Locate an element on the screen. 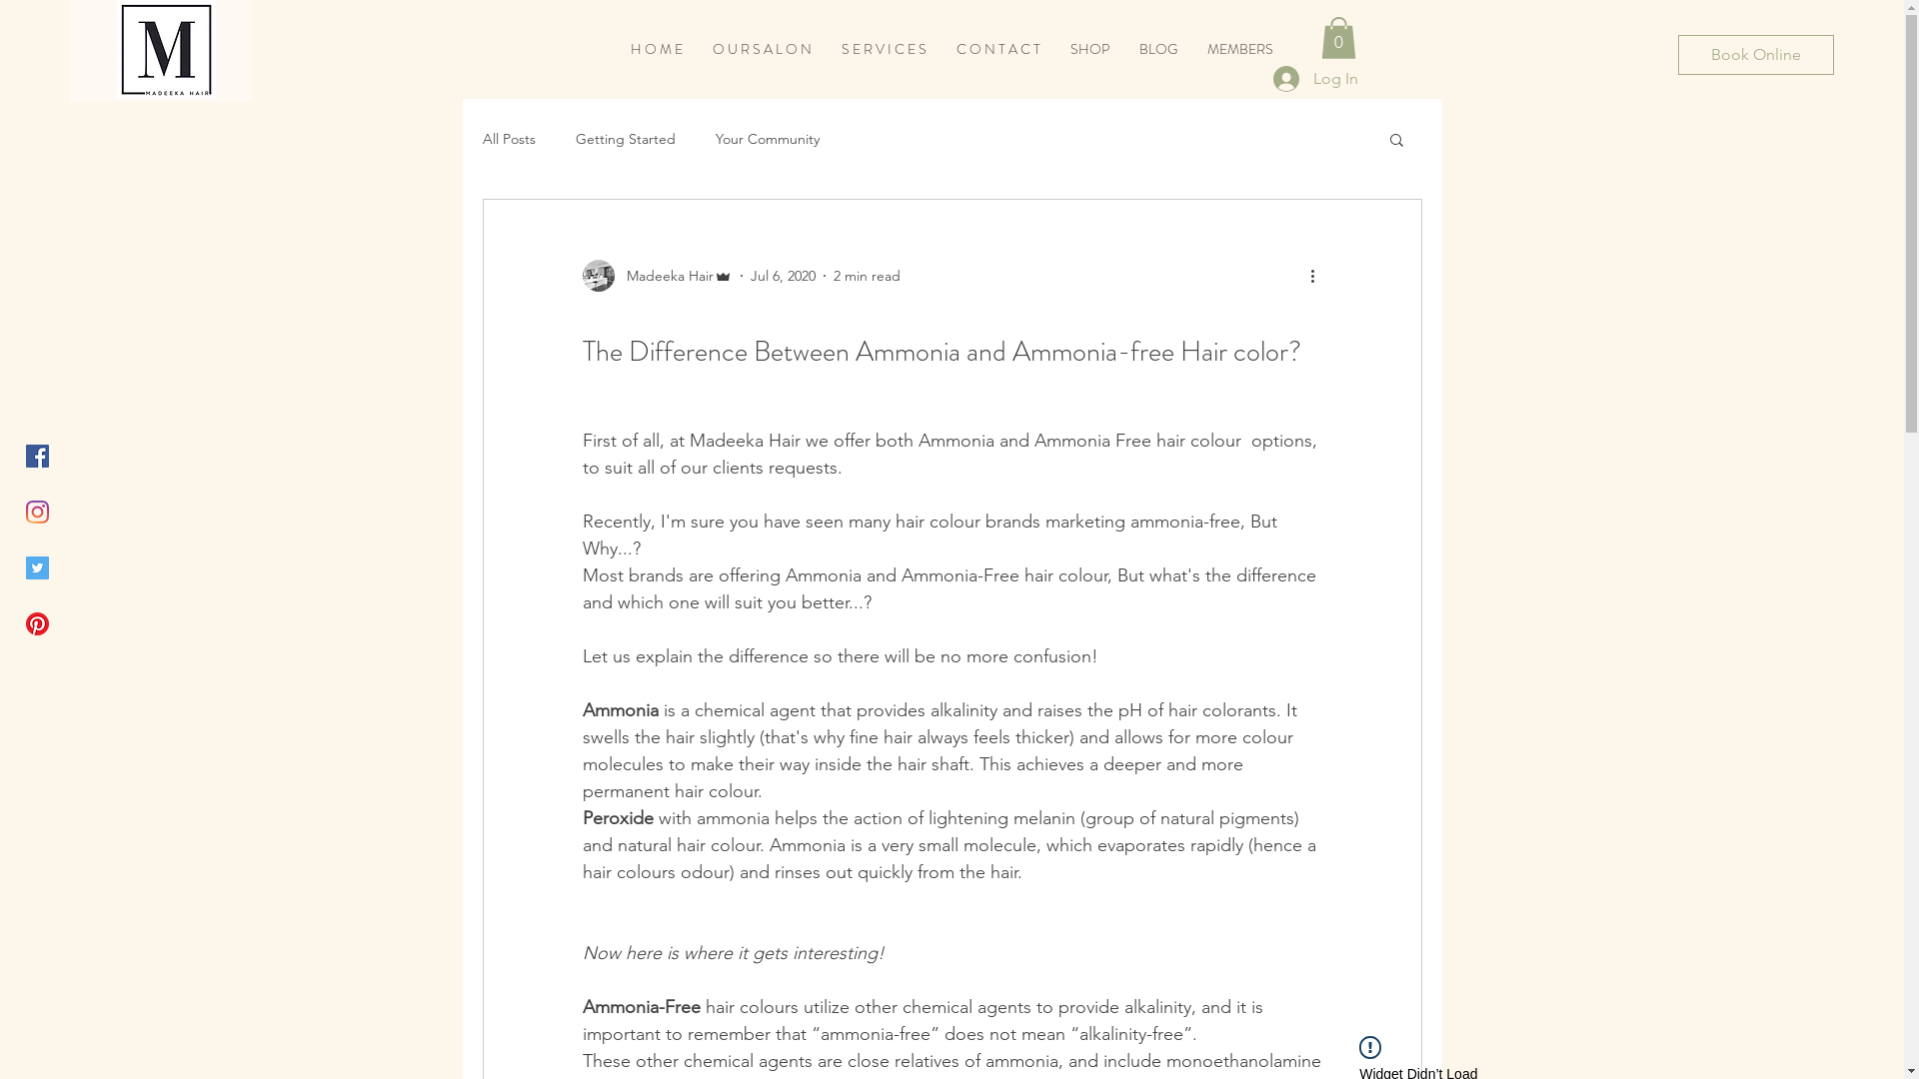 The image size is (1919, 1079). 'Your Community' is located at coordinates (767, 137).